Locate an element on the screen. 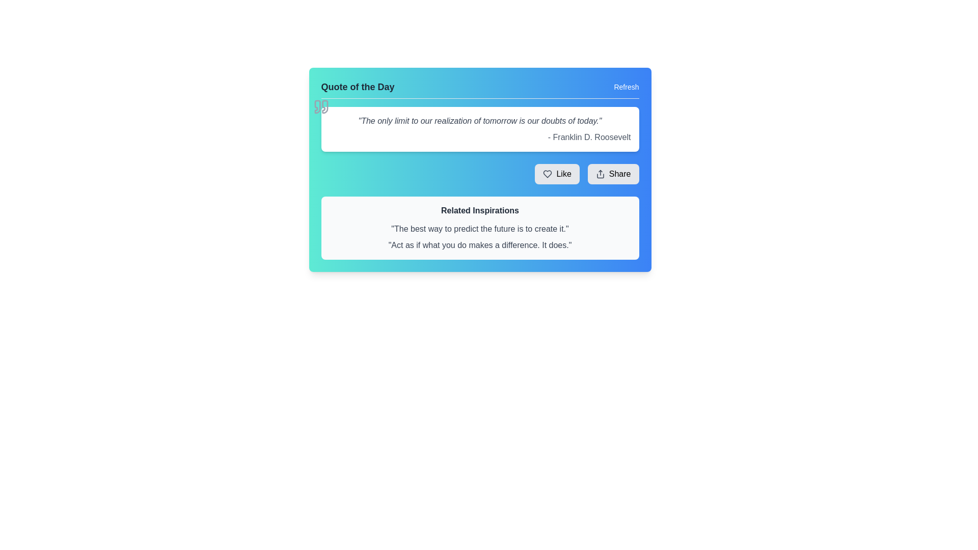 This screenshot has width=978, height=550. the text block containing the inspirational quotes, which is located below the 'Related Inspirations' heading in a bordered rectangular area is located at coordinates (479, 237).